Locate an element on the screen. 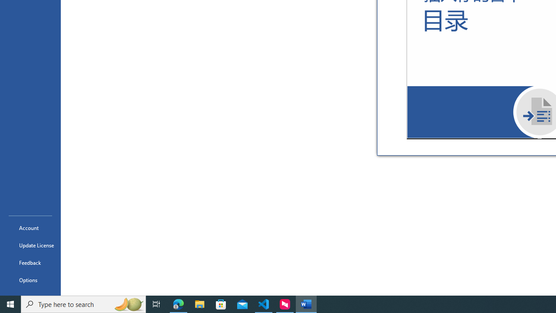 This screenshot has width=556, height=313. 'Visual Studio Code - 1 running window' is located at coordinates (263, 303).